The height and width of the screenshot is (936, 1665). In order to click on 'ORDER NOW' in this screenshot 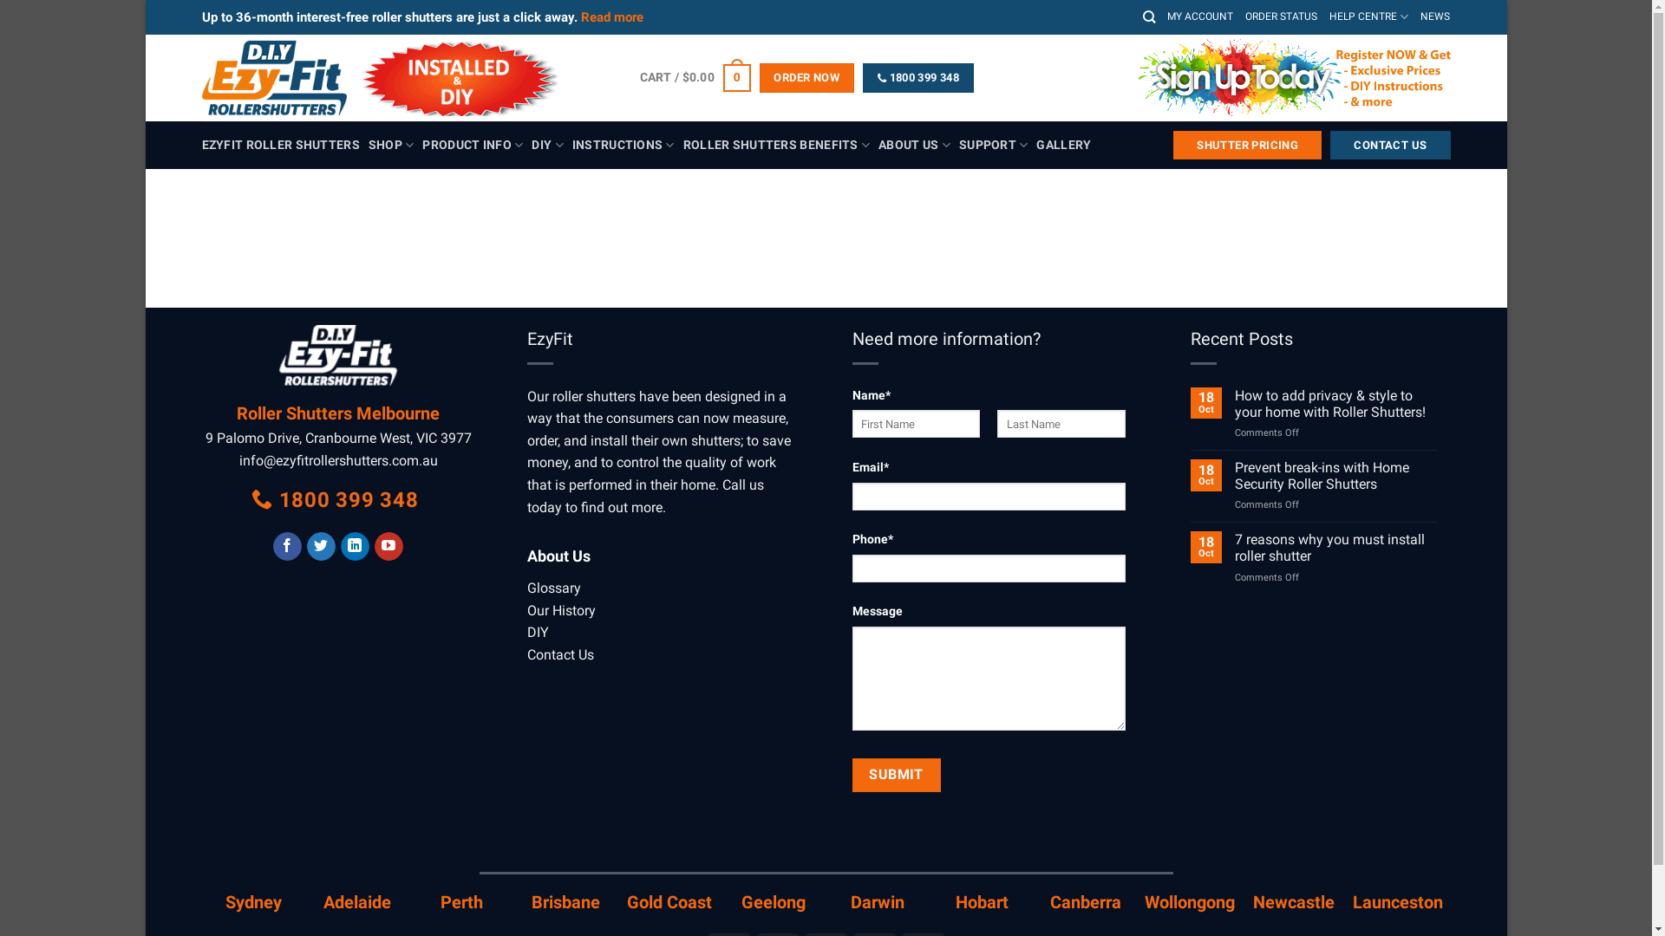, I will do `click(806, 76)`.